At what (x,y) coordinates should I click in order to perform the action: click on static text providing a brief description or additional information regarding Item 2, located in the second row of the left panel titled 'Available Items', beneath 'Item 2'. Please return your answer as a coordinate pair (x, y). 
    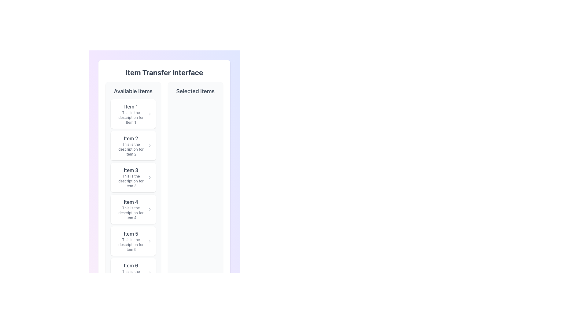
    Looking at the image, I should click on (131, 149).